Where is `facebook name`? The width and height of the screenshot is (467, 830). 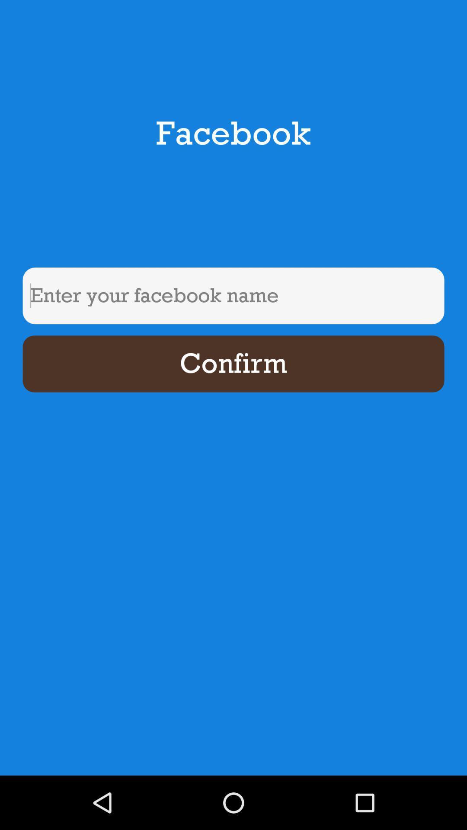
facebook name is located at coordinates (233, 296).